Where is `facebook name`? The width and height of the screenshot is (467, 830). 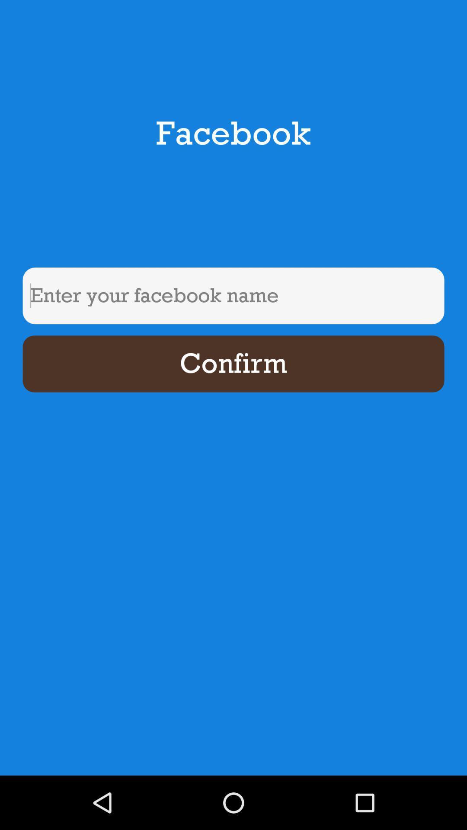
facebook name is located at coordinates (233, 296).